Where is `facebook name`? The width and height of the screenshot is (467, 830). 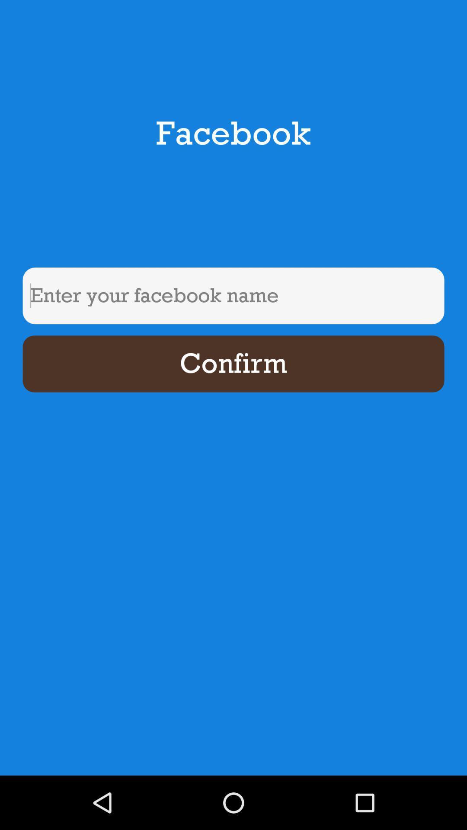
facebook name is located at coordinates (233, 296).